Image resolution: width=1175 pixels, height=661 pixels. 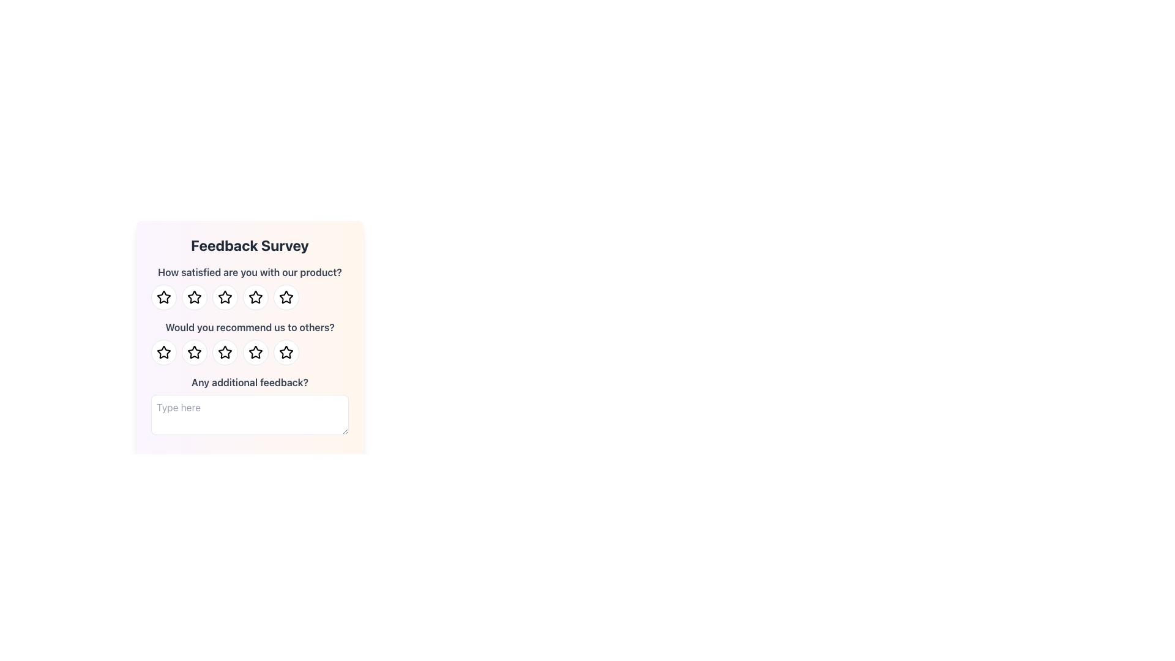 I want to click on the second star in the second row of the rating stars, so click(x=193, y=352).